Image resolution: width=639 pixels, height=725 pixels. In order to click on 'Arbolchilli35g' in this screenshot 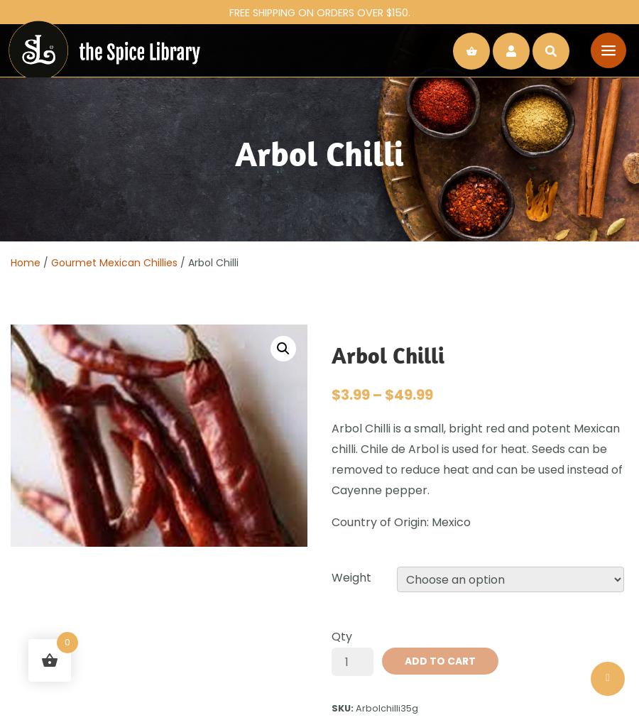, I will do `click(386, 708)`.